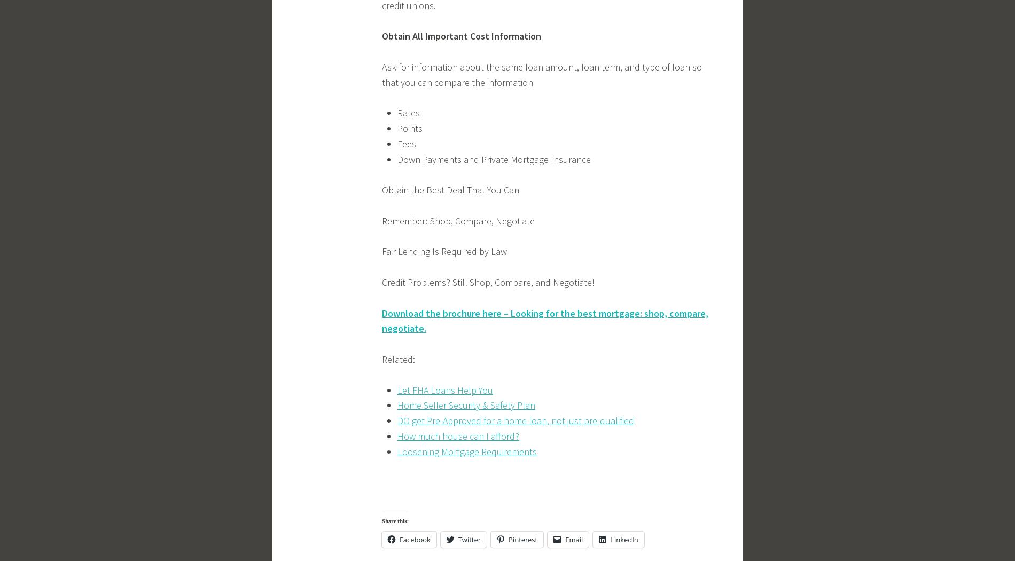 Image resolution: width=1015 pixels, height=561 pixels. I want to click on 'Related:', so click(381, 359).